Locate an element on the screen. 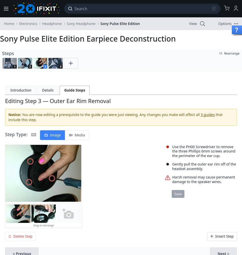 The width and height of the screenshot is (242, 255). 'You are now editing a prerequisite to the guide you were just viewing. Any changes you make will affect all' is located at coordinates (110, 114).